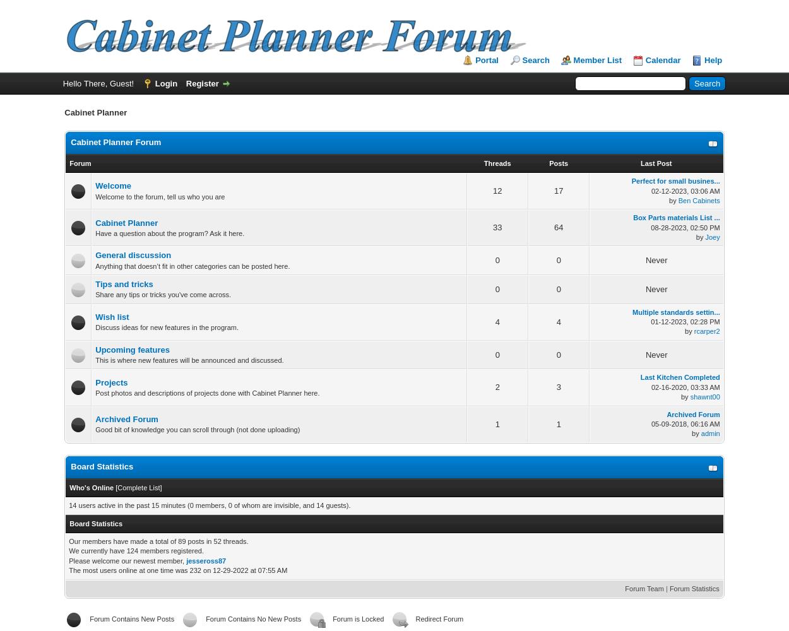  Describe the element at coordinates (117, 487) in the screenshot. I see `'Complete List'` at that location.